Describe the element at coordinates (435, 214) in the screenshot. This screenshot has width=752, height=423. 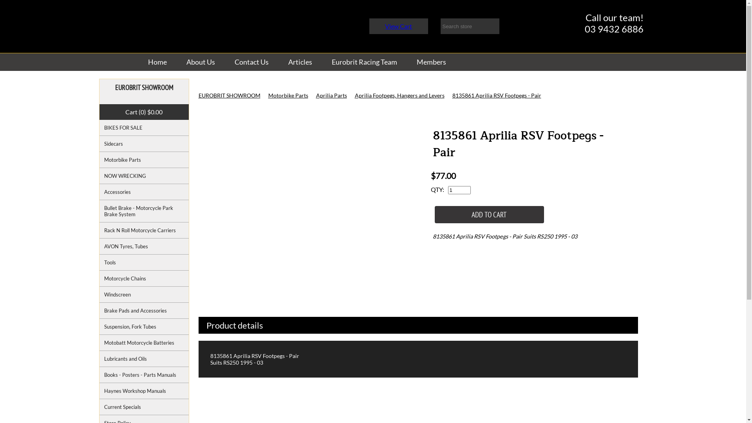
I see `'ADD TO CART'` at that location.